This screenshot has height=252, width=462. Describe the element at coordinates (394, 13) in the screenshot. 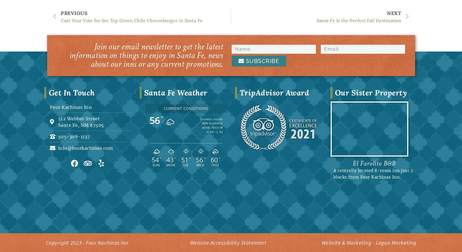

I see `'Next'` at that location.